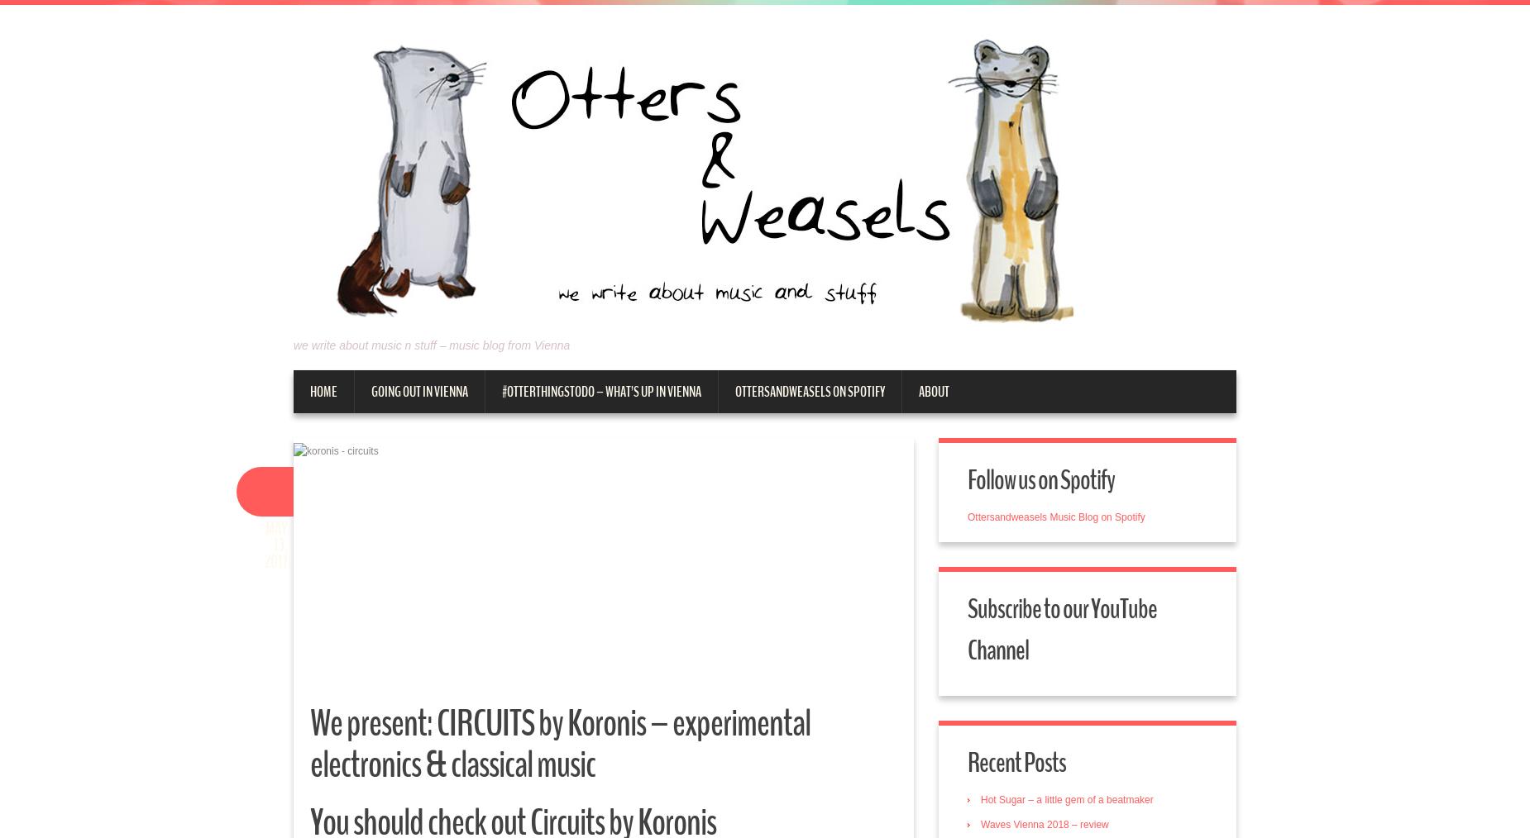  I want to click on 'Waves Vienna 2018 – review', so click(1043, 824).